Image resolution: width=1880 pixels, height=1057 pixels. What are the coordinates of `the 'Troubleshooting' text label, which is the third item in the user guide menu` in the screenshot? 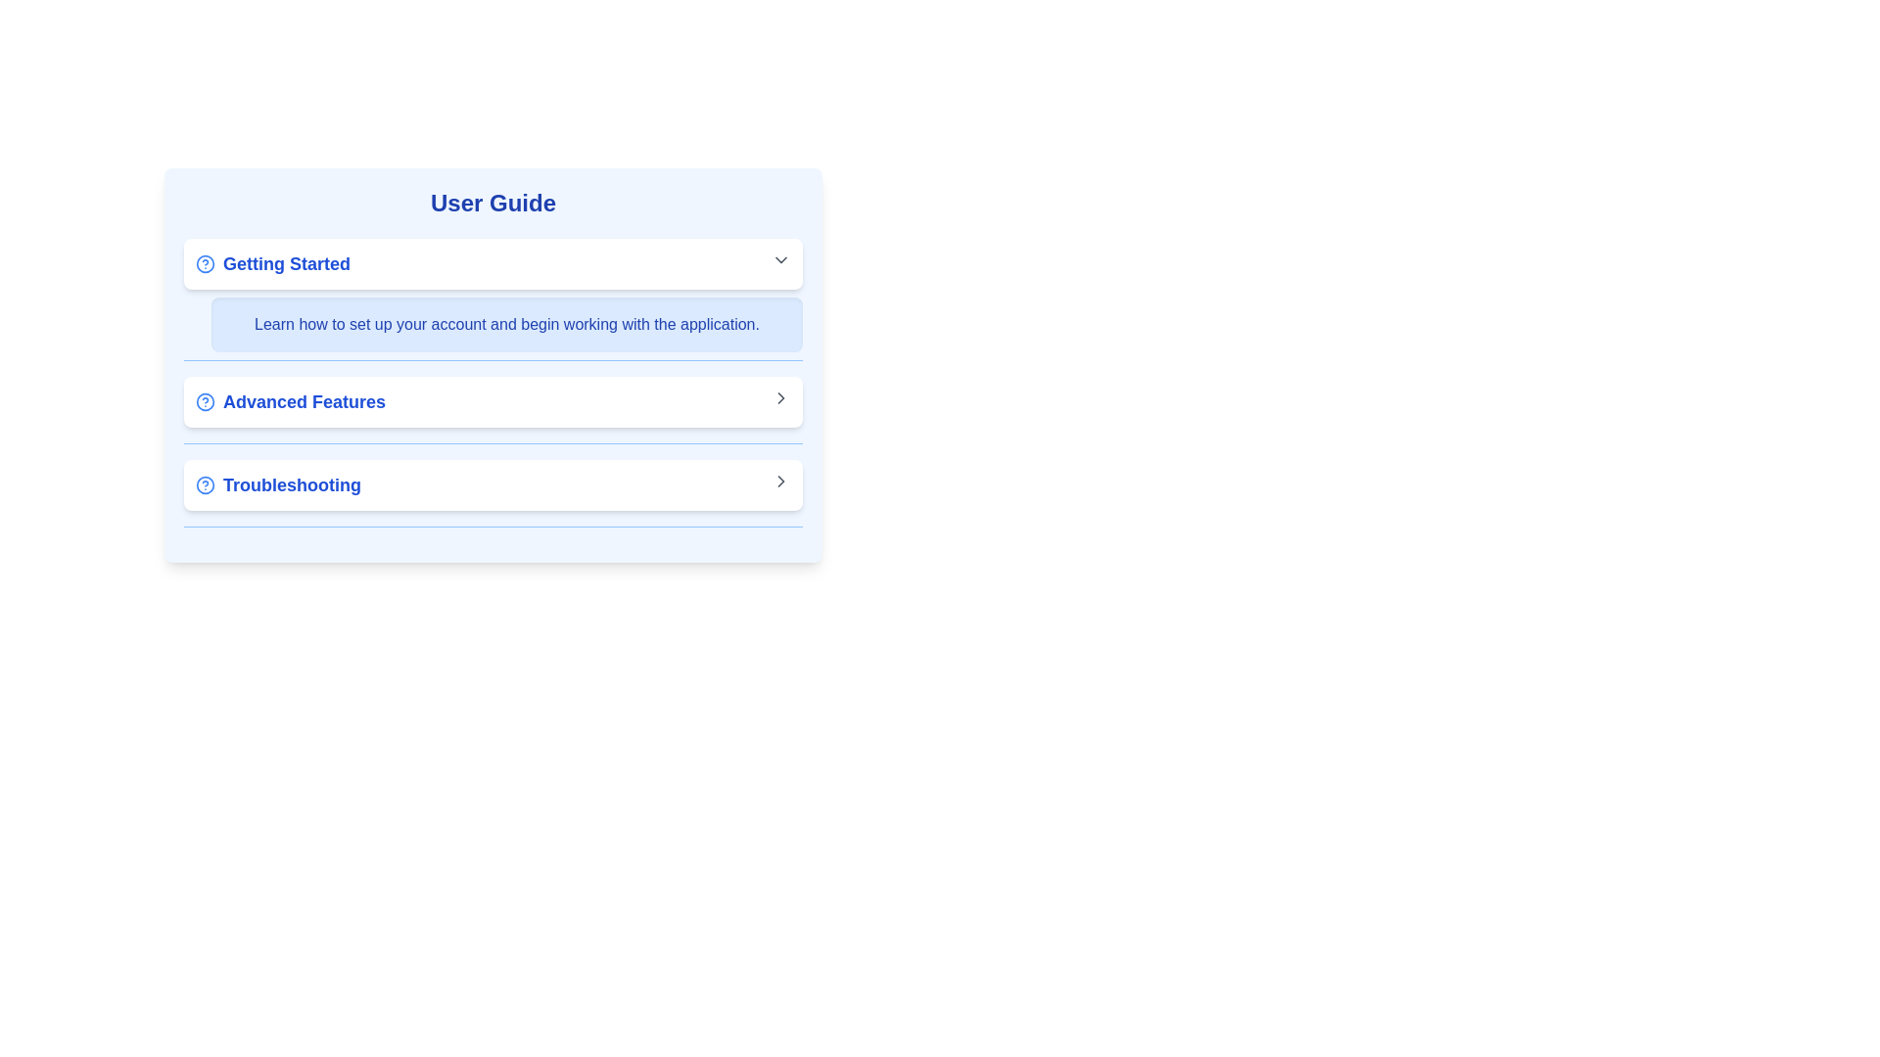 It's located at (291, 484).